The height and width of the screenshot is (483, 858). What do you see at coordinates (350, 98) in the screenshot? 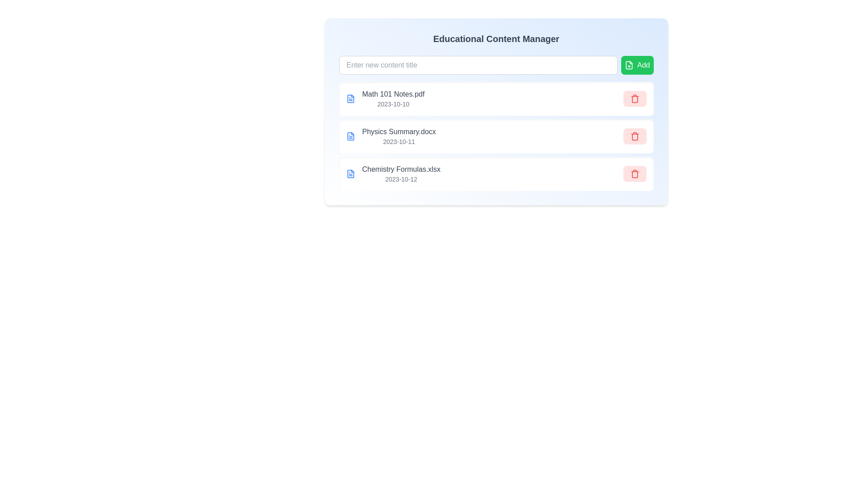
I see `the static icon representing the document 'Math 101 Notes.pdf', which is located on the left side of the first row in a list of documents` at bounding box center [350, 98].